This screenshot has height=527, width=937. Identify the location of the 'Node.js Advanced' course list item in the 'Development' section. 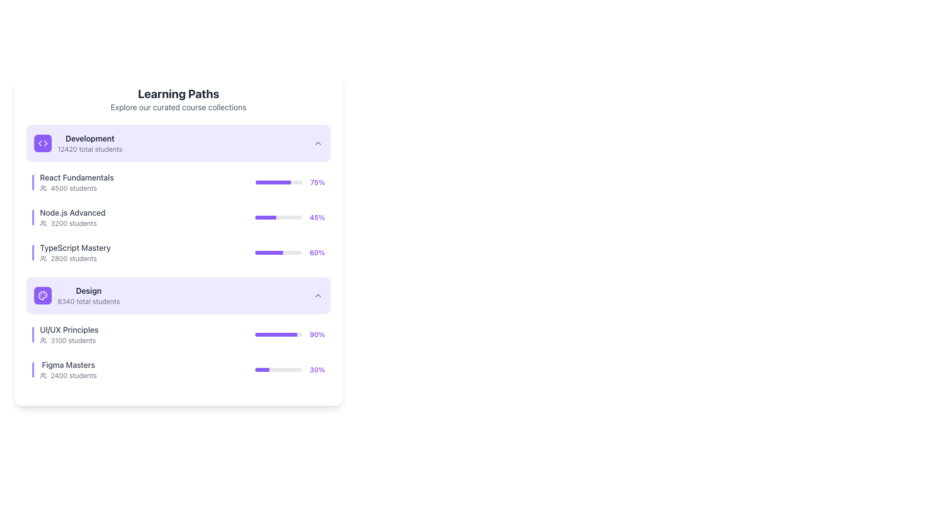
(178, 217).